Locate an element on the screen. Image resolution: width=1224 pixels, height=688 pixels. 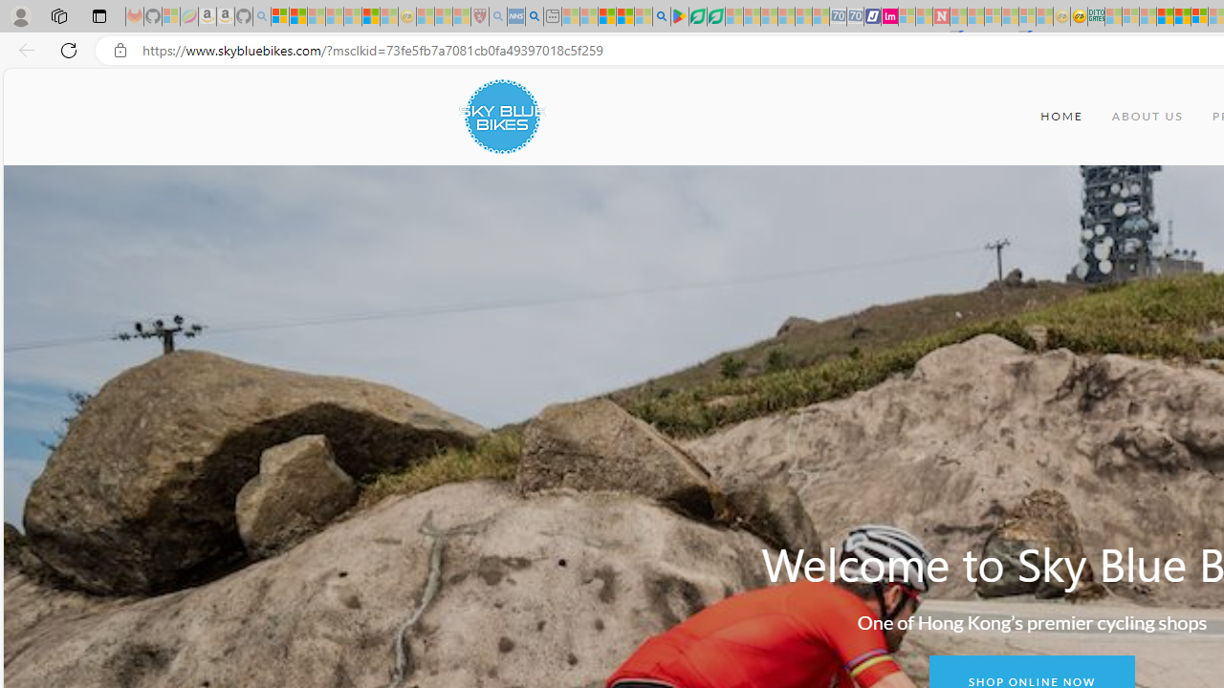
'Local - MSN - Sleeping' is located at coordinates (461, 16).